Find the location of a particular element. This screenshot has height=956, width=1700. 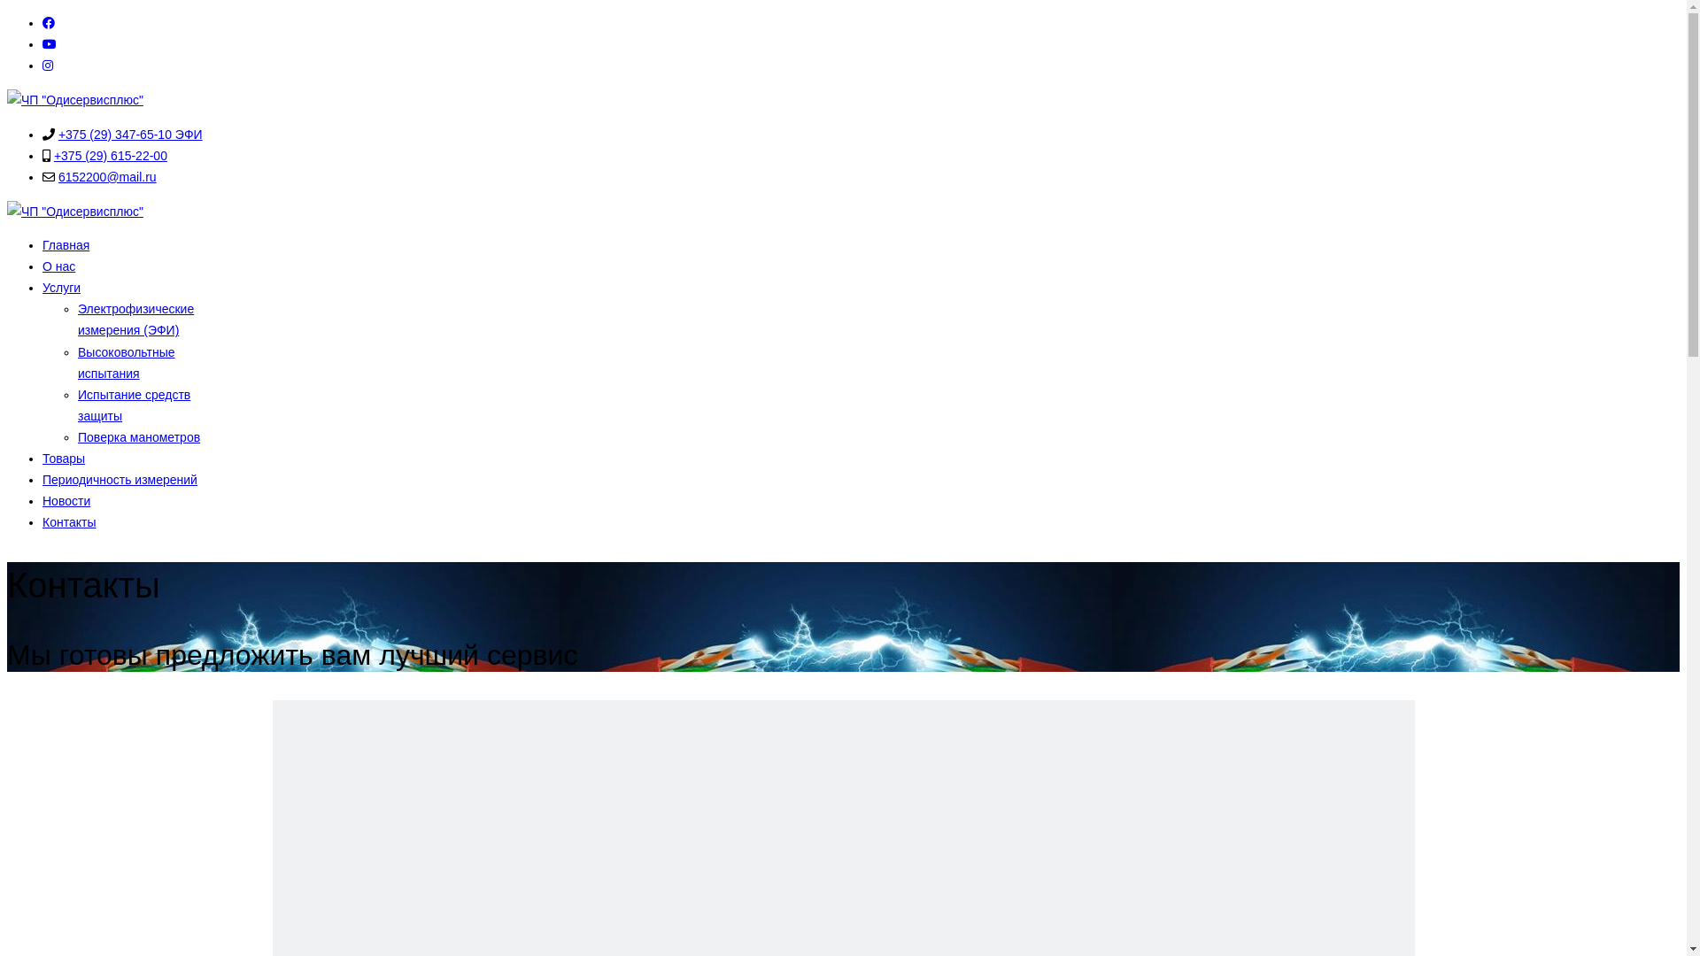

'+375 (29) 615-22-00' is located at coordinates (109, 155).